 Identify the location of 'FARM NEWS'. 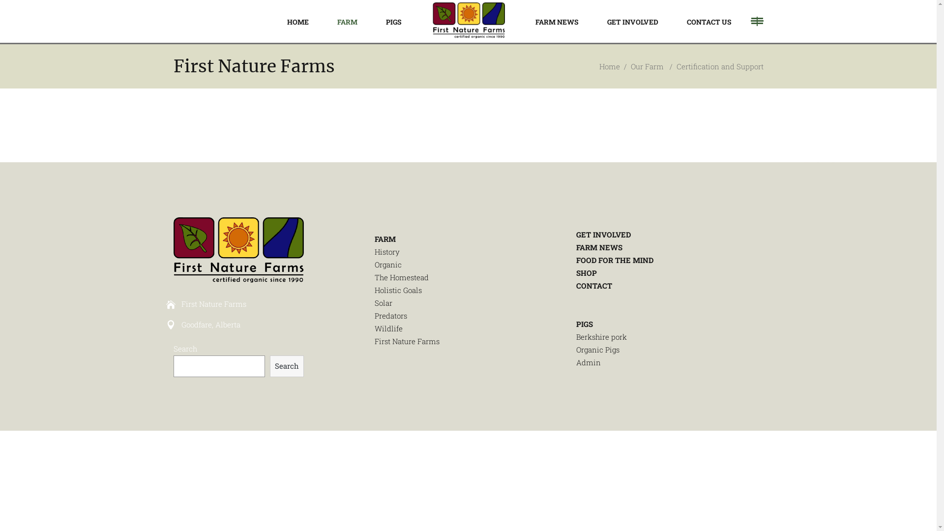
(599, 246).